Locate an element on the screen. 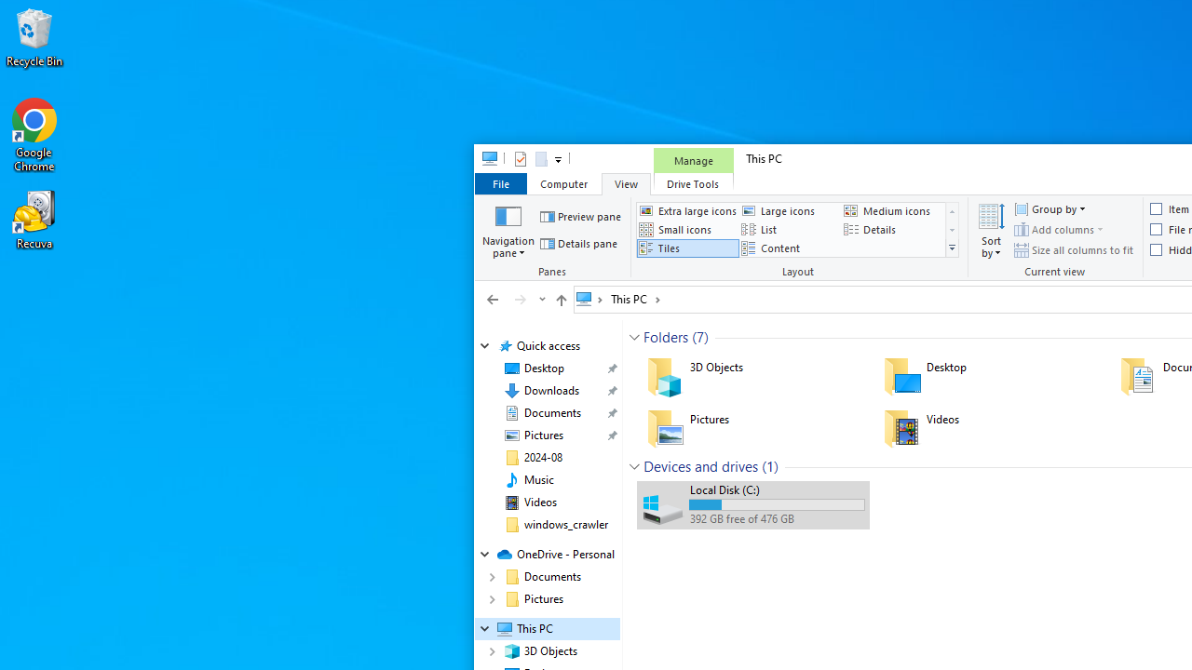 The height and width of the screenshot is (670, 1192). 'Large icons' is located at coordinates (790, 209).